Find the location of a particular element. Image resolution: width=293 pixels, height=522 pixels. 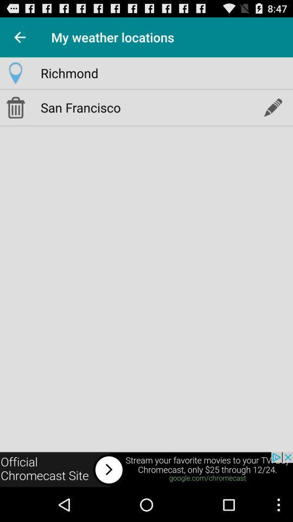

delete location is located at coordinates (15, 107).